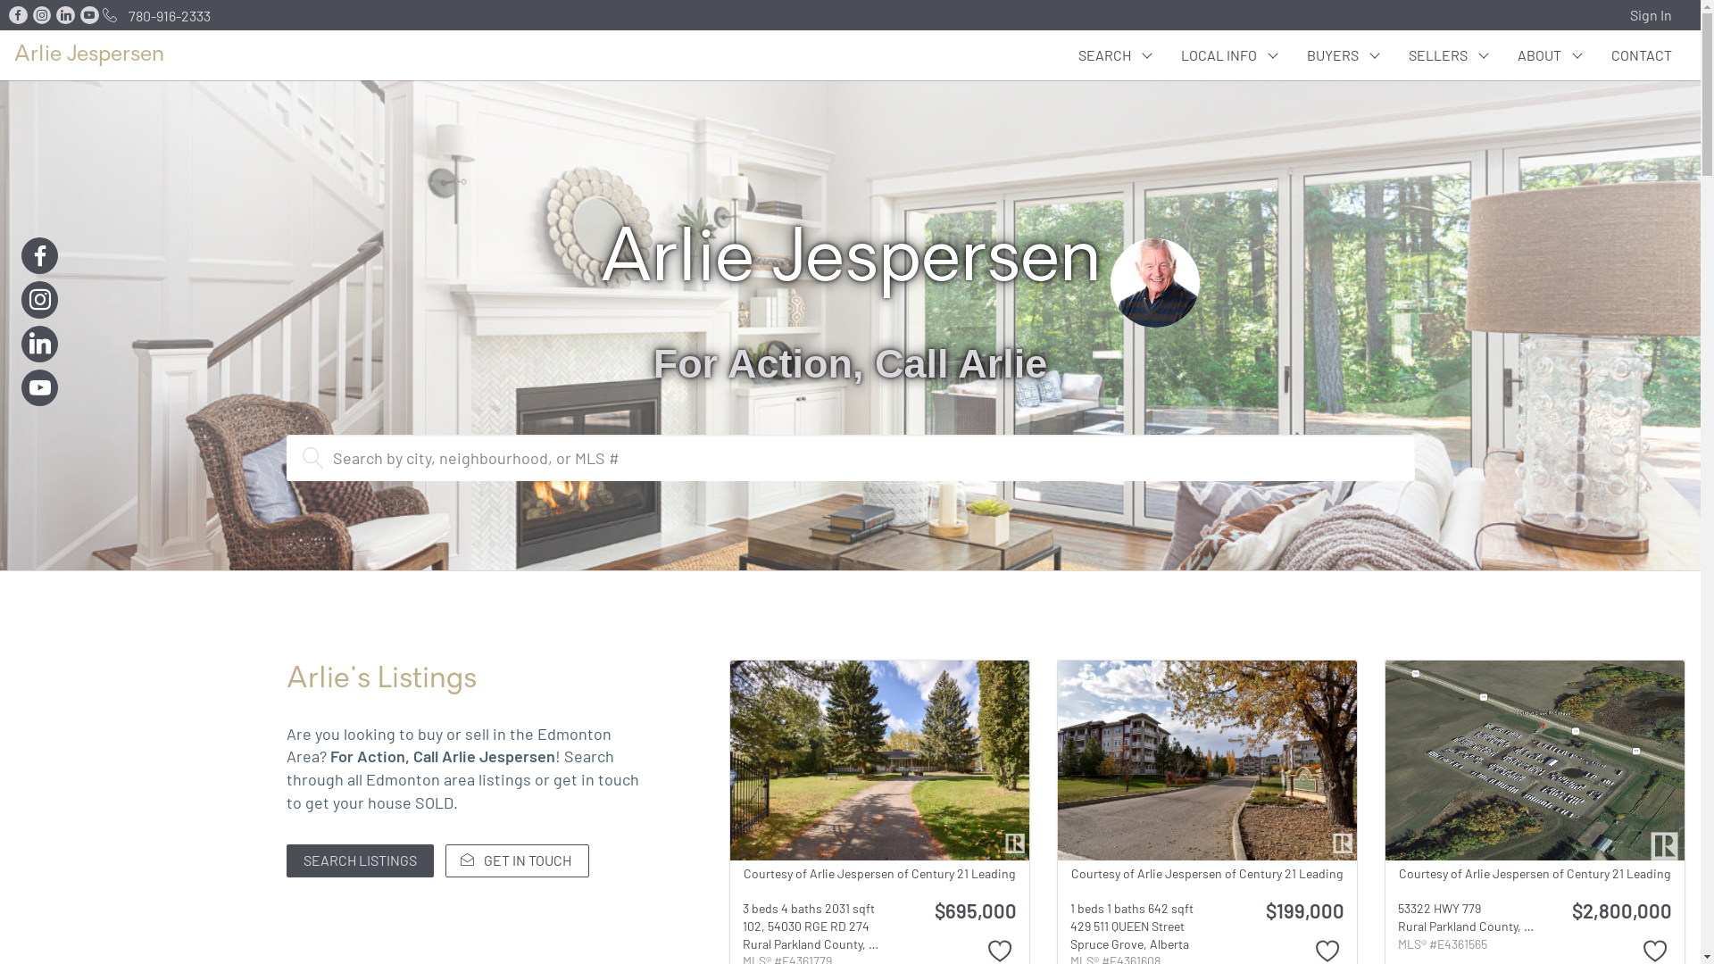  I want to click on 'GET IN TOUCH', so click(445, 860).